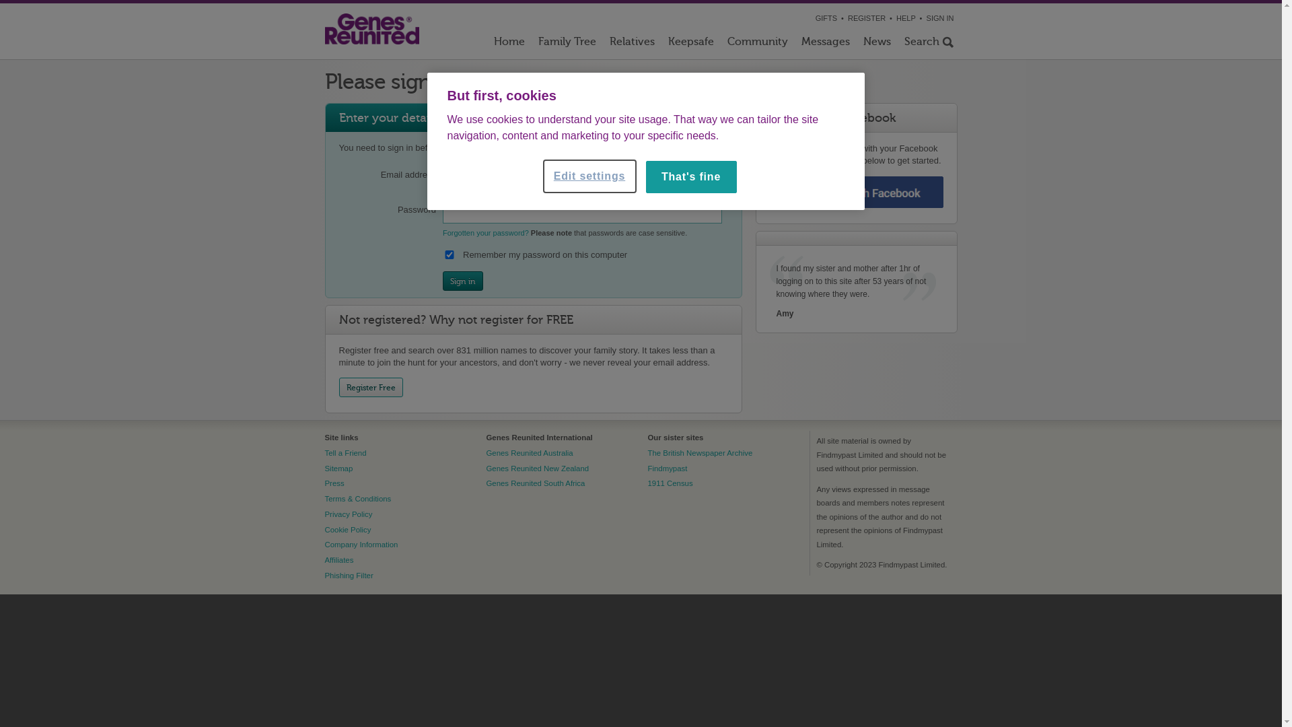 This screenshot has height=727, width=1292. Describe the element at coordinates (345, 452) in the screenshot. I see `'Tell a Friend'` at that location.